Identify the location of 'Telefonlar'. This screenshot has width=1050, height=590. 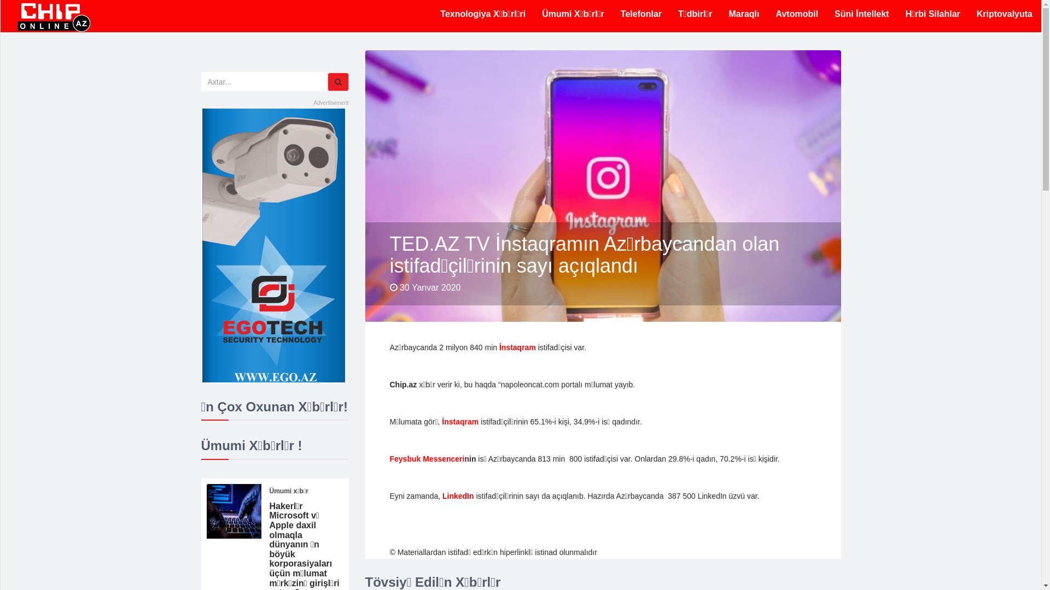
(641, 14).